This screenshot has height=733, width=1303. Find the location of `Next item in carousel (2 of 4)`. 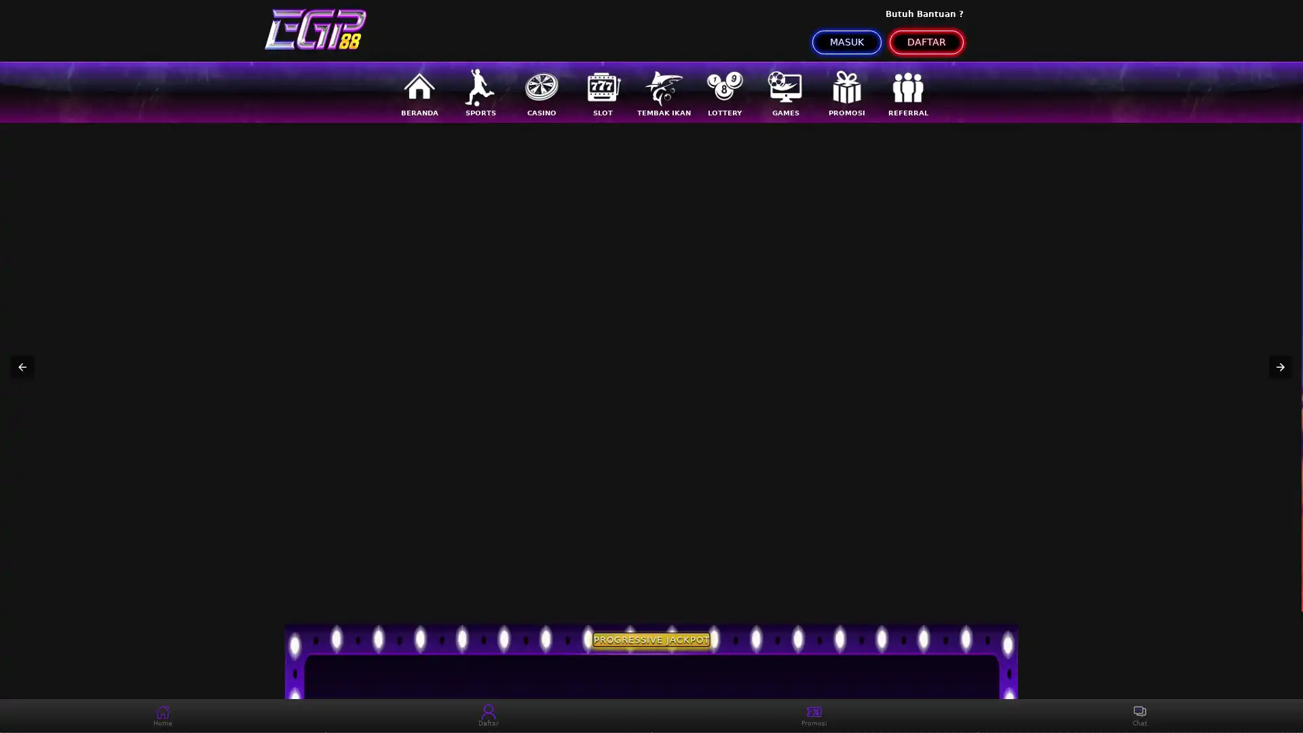

Next item in carousel (2 of 4) is located at coordinates (1279, 366).